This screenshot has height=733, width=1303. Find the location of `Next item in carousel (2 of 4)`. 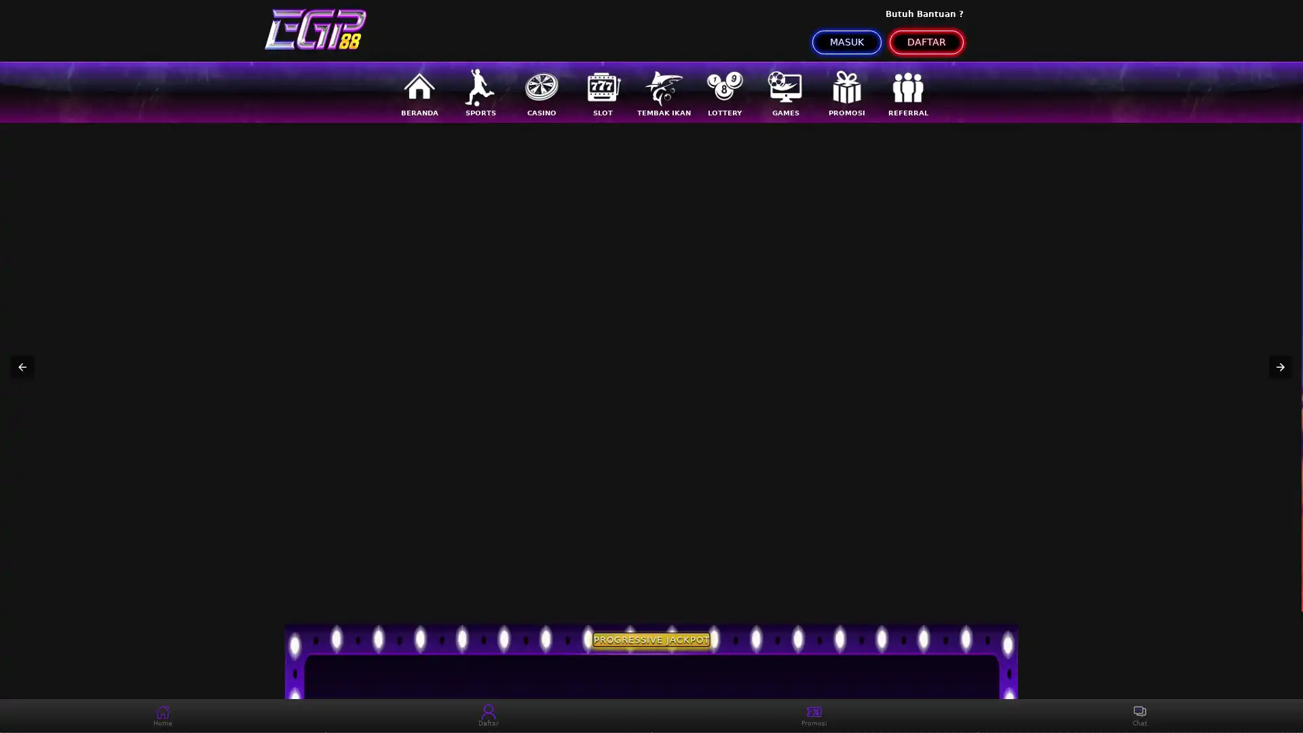

Next item in carousel (2 of 4) is located at coordinates (1279, 366).